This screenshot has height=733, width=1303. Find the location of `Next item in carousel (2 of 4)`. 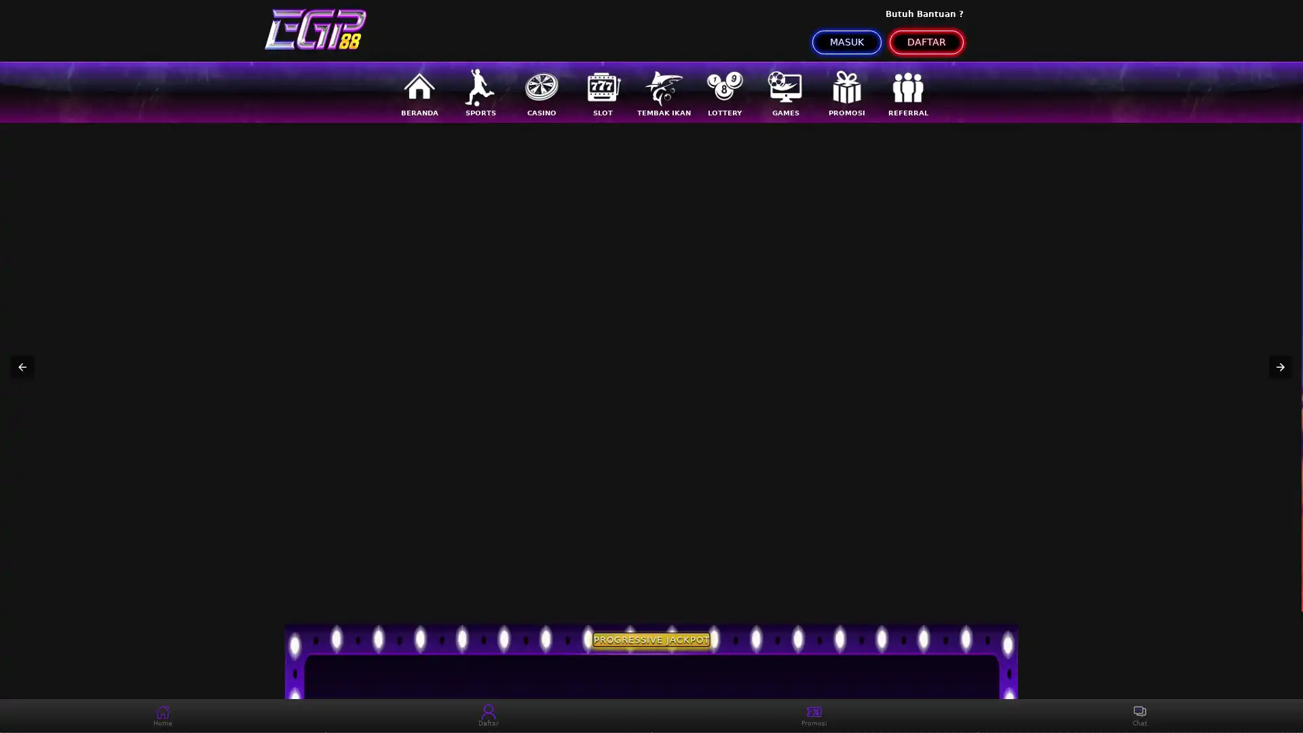

Next item in carousel (2 of 4) is located at coordinates (1279, 366).